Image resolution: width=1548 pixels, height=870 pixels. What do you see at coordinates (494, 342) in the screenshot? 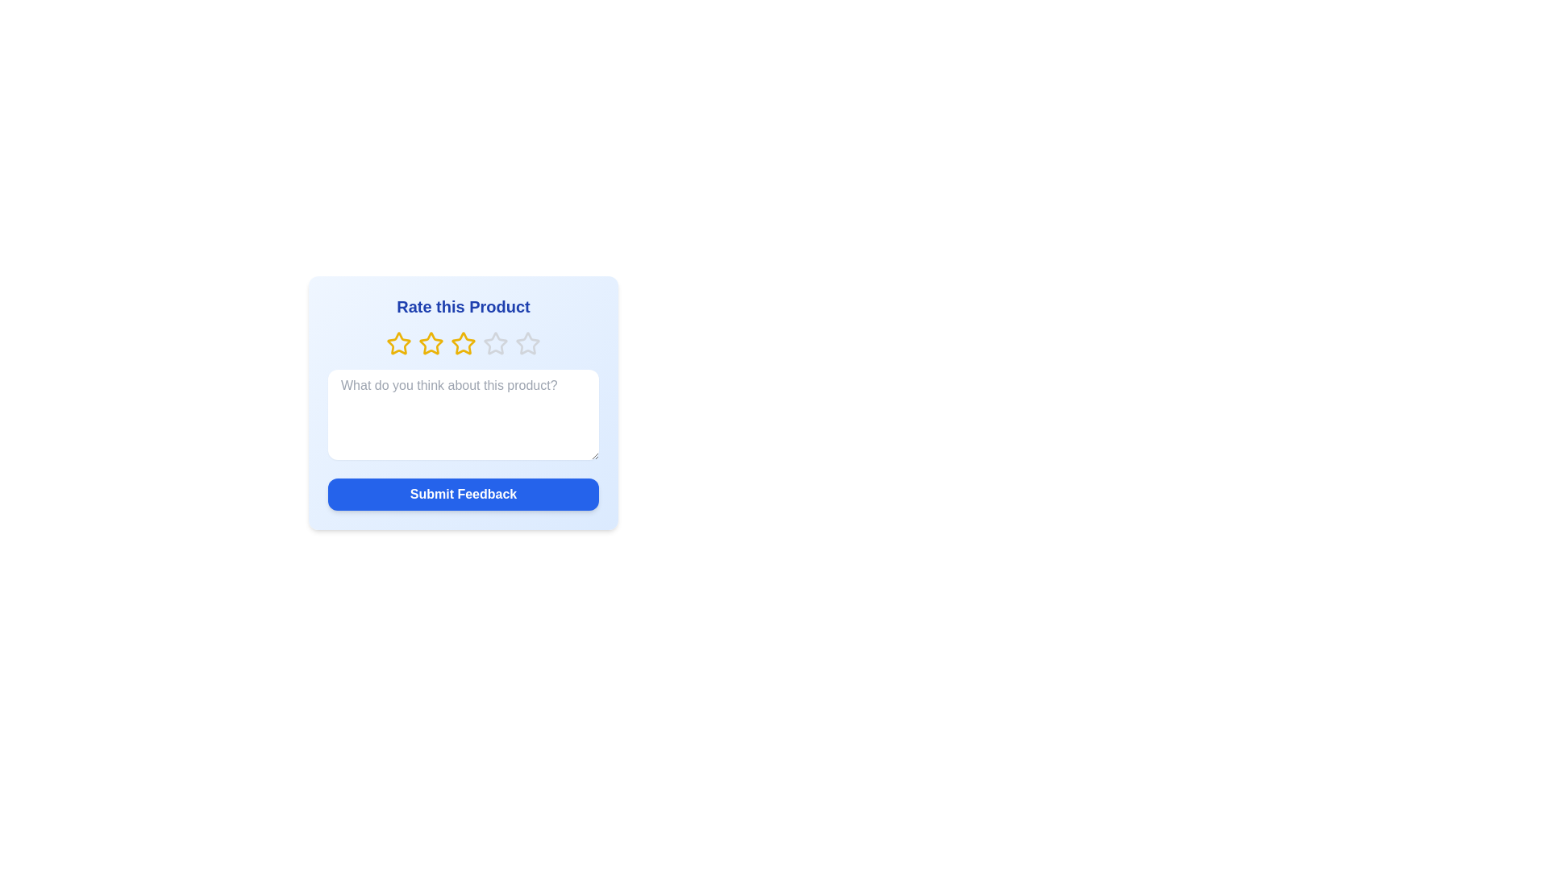
I see `the fourth star in the graphic rating control` at bounding box center [494, 342].